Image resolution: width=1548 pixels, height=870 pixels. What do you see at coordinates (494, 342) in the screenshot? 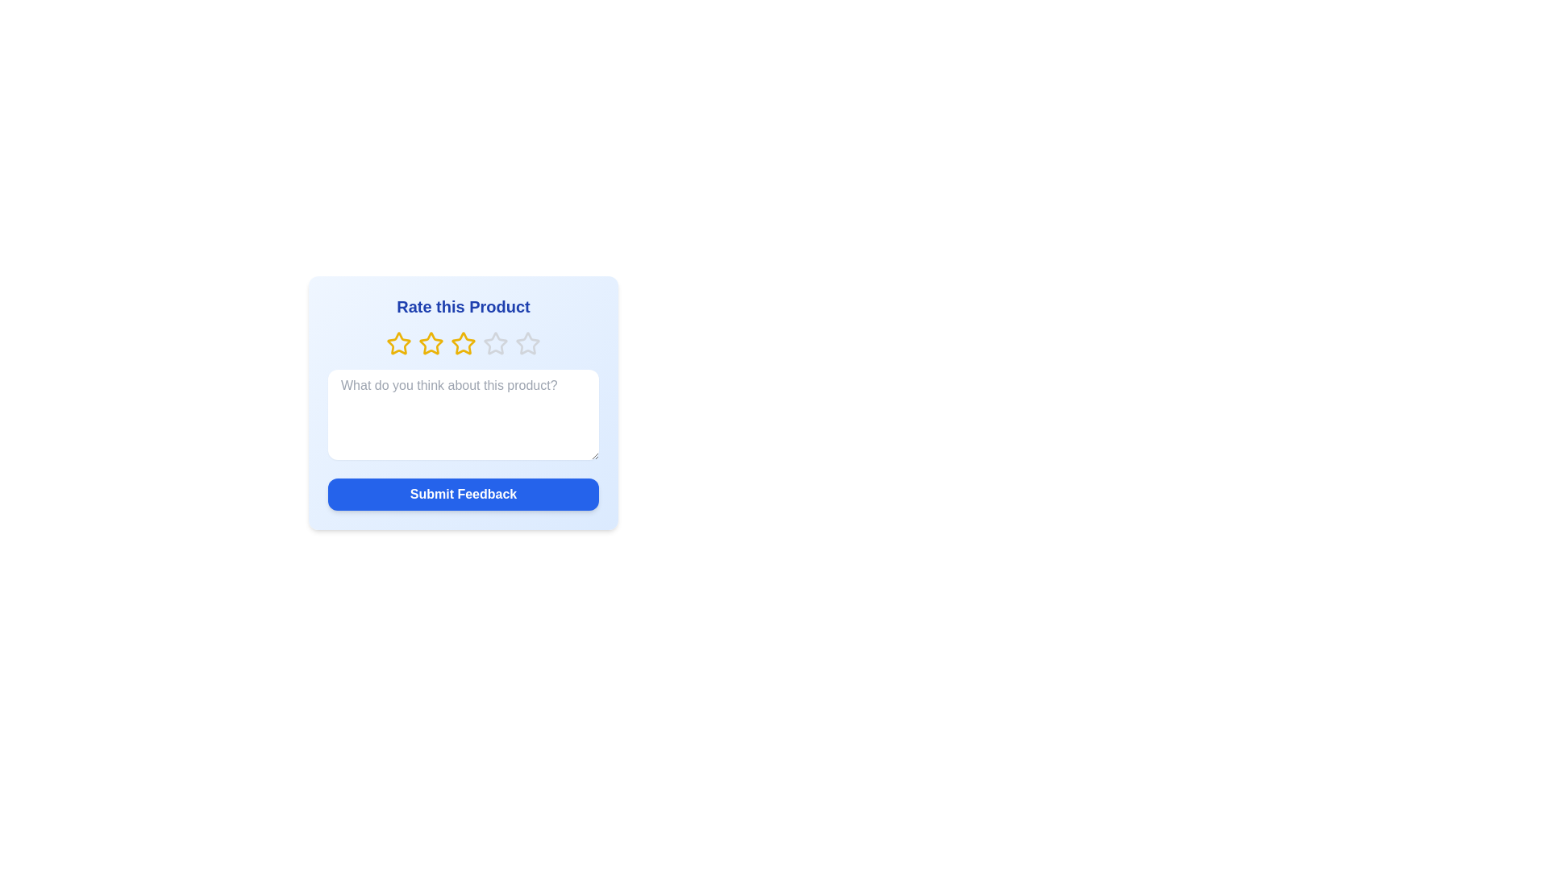
I see `the fourth star in the graphic rating control` at bounding box center [494, 342].